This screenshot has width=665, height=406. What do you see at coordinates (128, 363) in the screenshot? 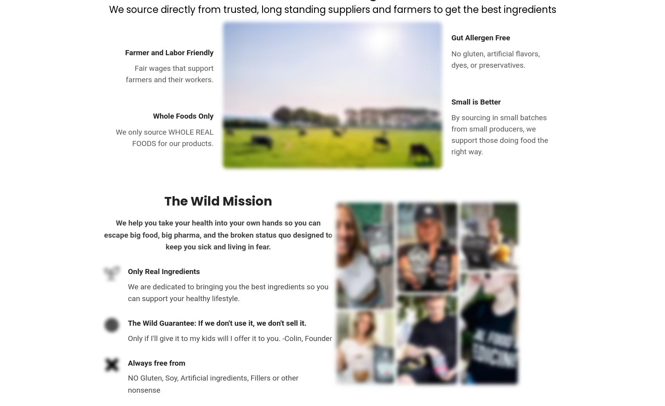
I see `'Always free from'` at bounding box center [128, 363].